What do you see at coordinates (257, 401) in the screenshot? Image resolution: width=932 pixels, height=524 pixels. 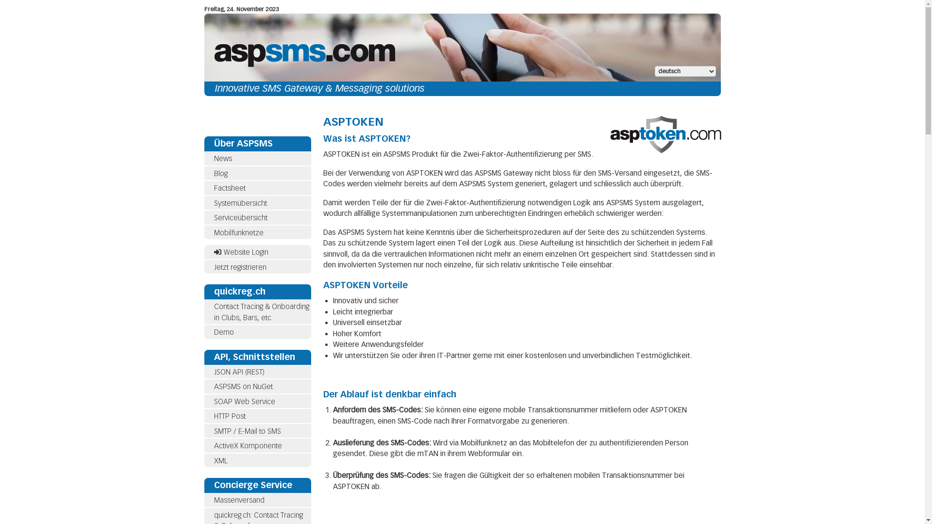 I see `'SOAP Web Service'` at bounding box center [257, 401].